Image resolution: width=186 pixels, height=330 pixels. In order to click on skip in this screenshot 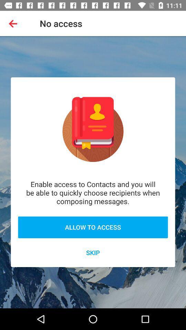, I will do `click(93, 252)`.